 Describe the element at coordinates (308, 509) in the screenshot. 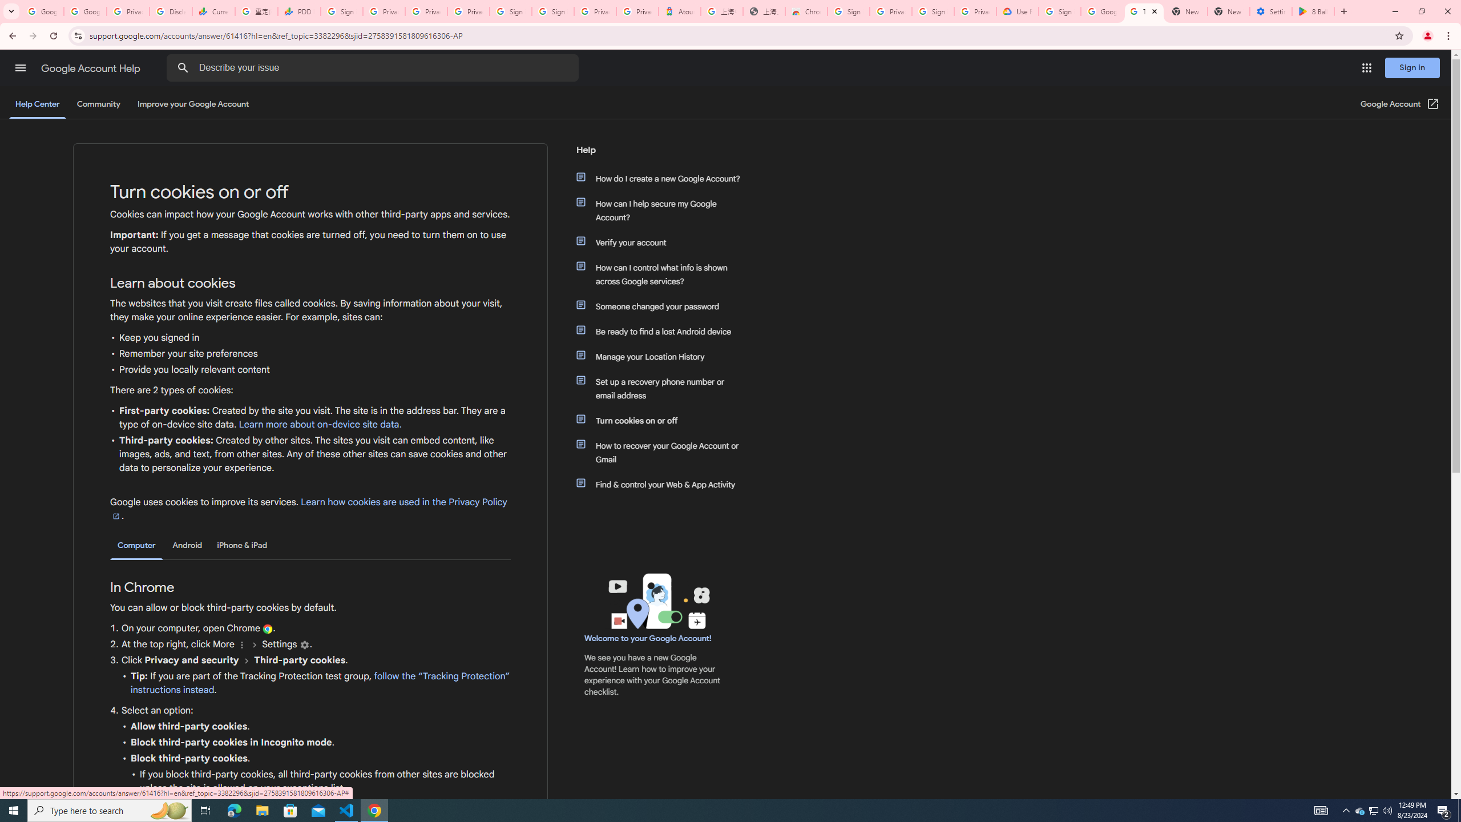

I see `'Learn how cookies are used in the Privacy Policy'` at that location.